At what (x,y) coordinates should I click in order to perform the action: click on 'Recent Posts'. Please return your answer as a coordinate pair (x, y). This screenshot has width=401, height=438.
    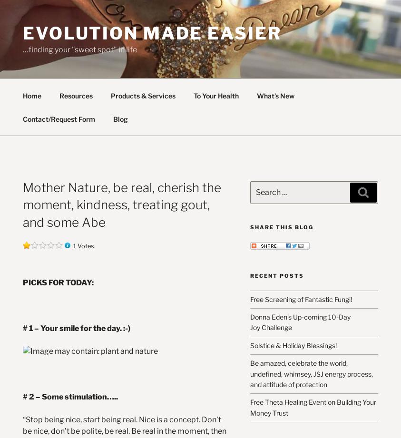
    Looking at the image, I should click on (276, 275).